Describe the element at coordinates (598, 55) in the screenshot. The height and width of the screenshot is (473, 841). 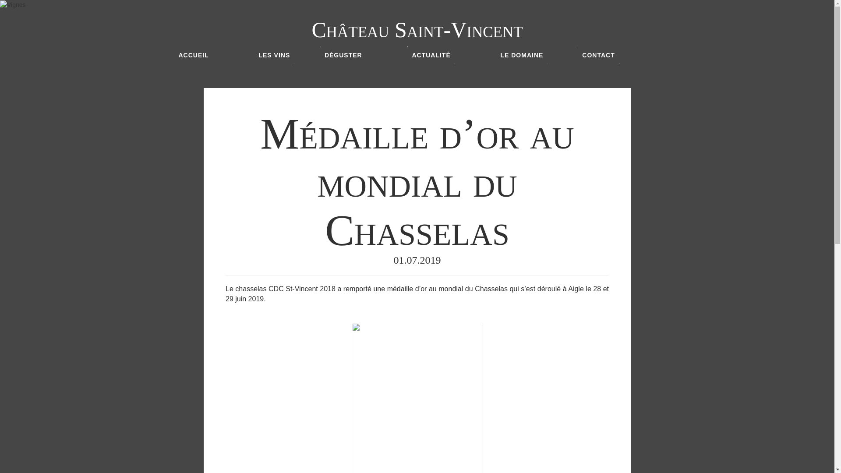
I see `'CONTACT'` at that location.